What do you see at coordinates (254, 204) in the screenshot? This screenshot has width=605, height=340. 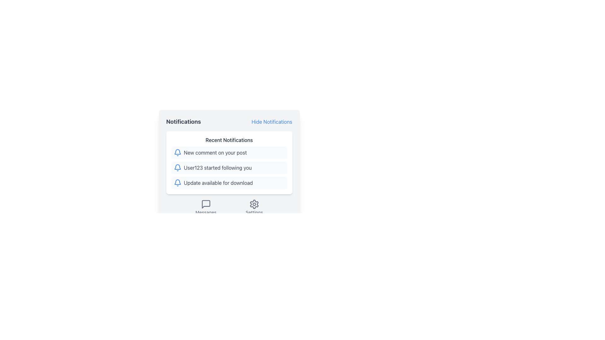 I see `the settings icon located in the bottom-right corner of the notifications interface` at bounding box center [254, 204].